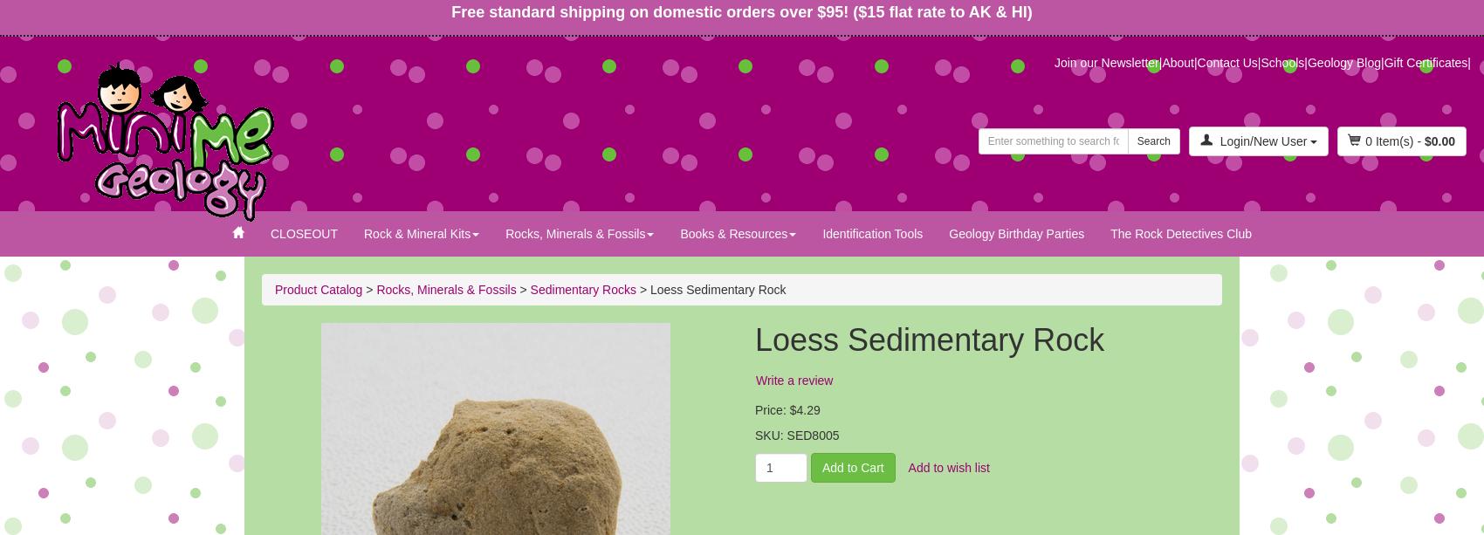 Image resolution: width=1484 pixels, height=535 pixels. I want to click on 'Join our Newsletter', so click(1053, 61).